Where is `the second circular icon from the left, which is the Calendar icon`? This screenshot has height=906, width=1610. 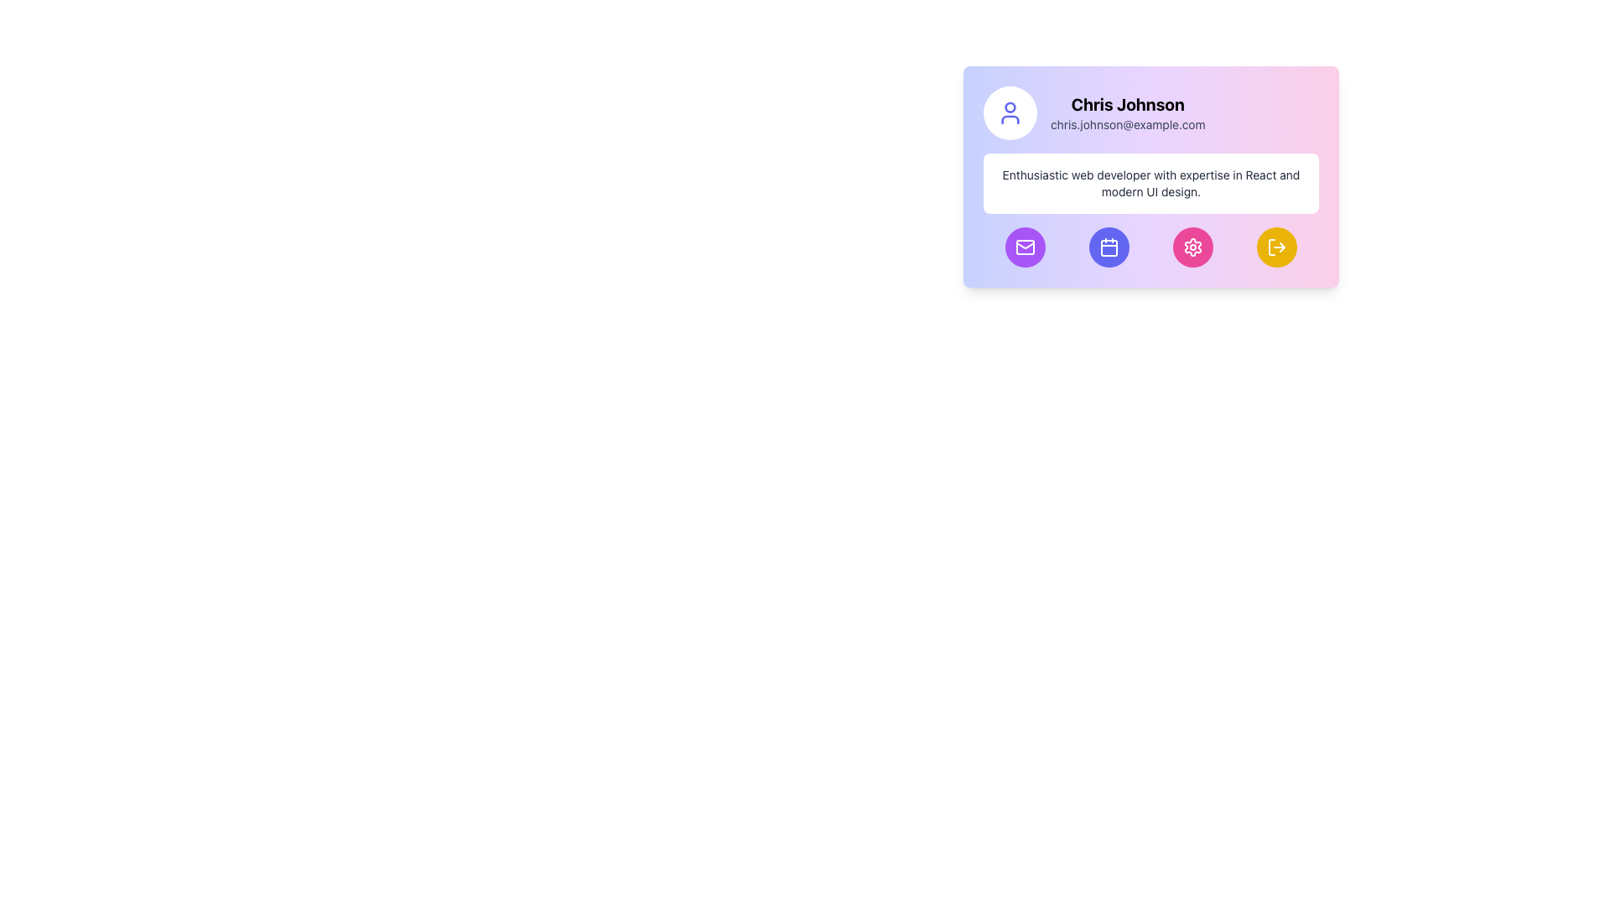
the second circular icon from the left, which is the Calendar icon is located at coordinates (1109, 247).